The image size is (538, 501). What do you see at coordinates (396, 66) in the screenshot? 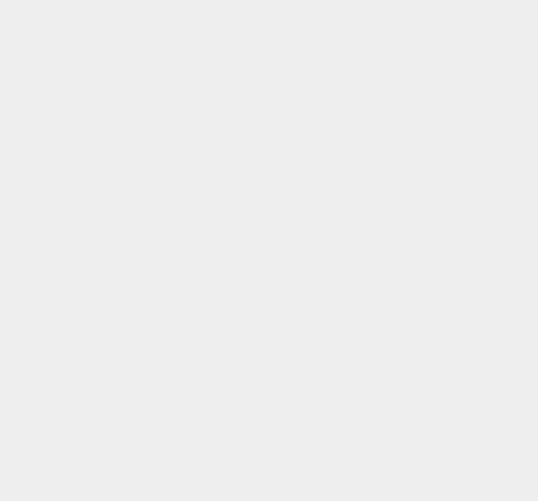
I see `'Technology'` at bounding box center [396, 66].